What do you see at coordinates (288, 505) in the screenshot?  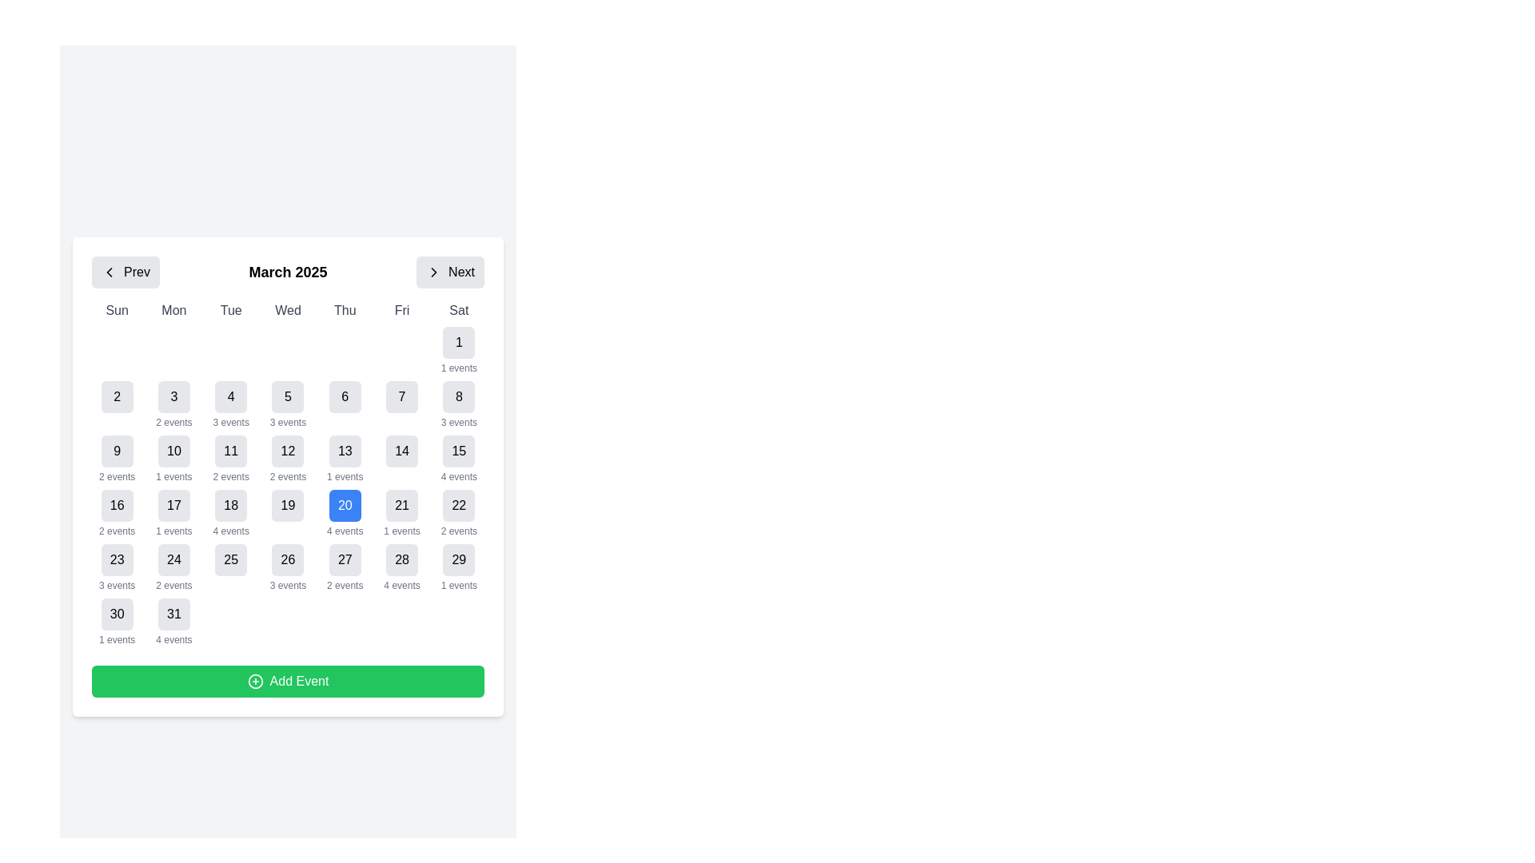 I see `the Button that allows users to select the date '19' in the calendar under 'March 2025'` at bounding box center [288, 505].